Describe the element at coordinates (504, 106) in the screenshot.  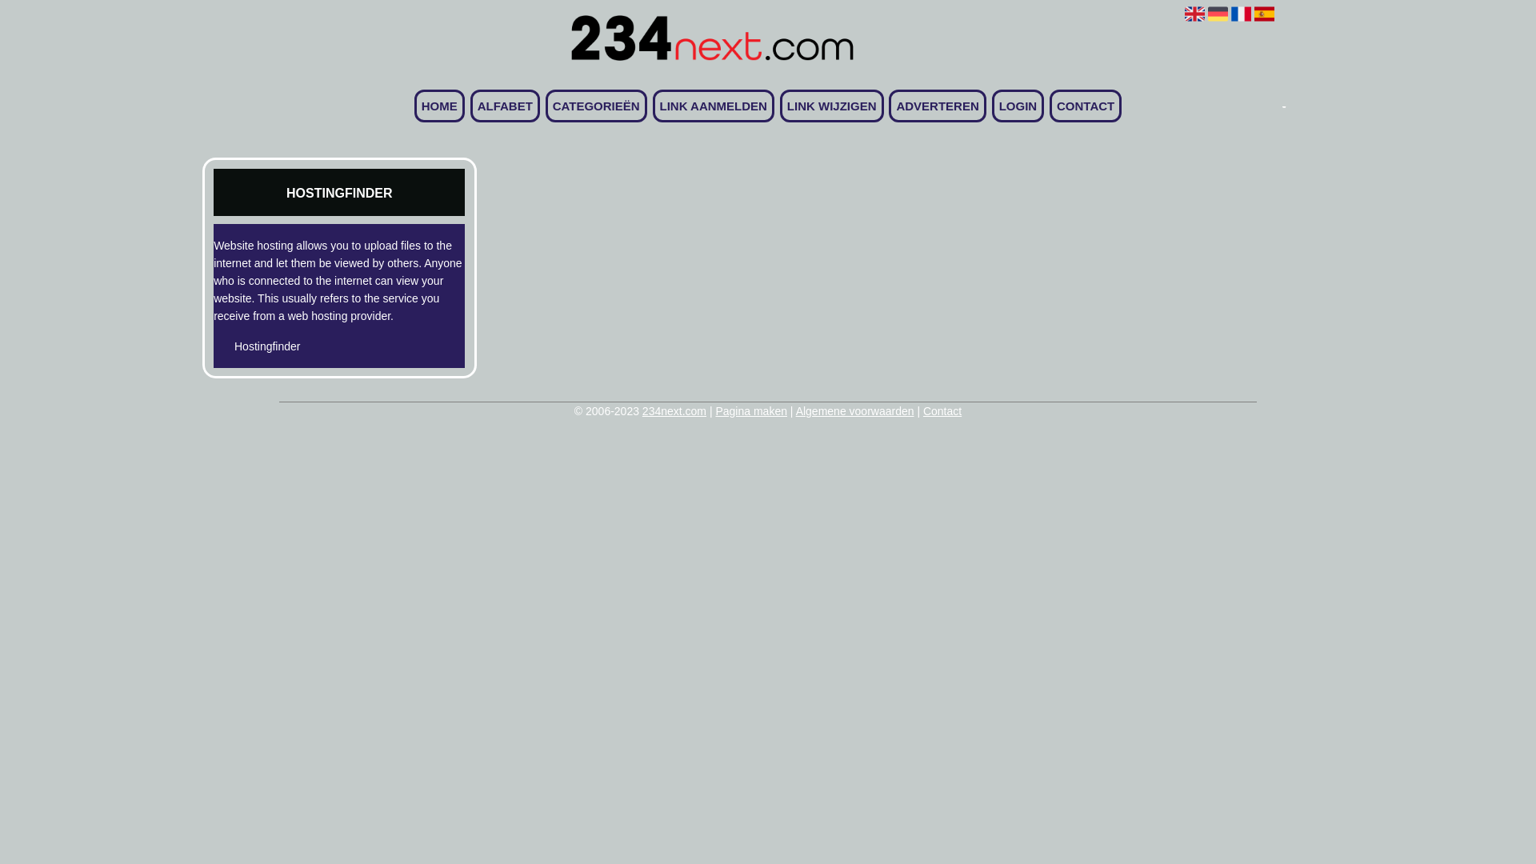
I see `'ALFABET'` at that location.